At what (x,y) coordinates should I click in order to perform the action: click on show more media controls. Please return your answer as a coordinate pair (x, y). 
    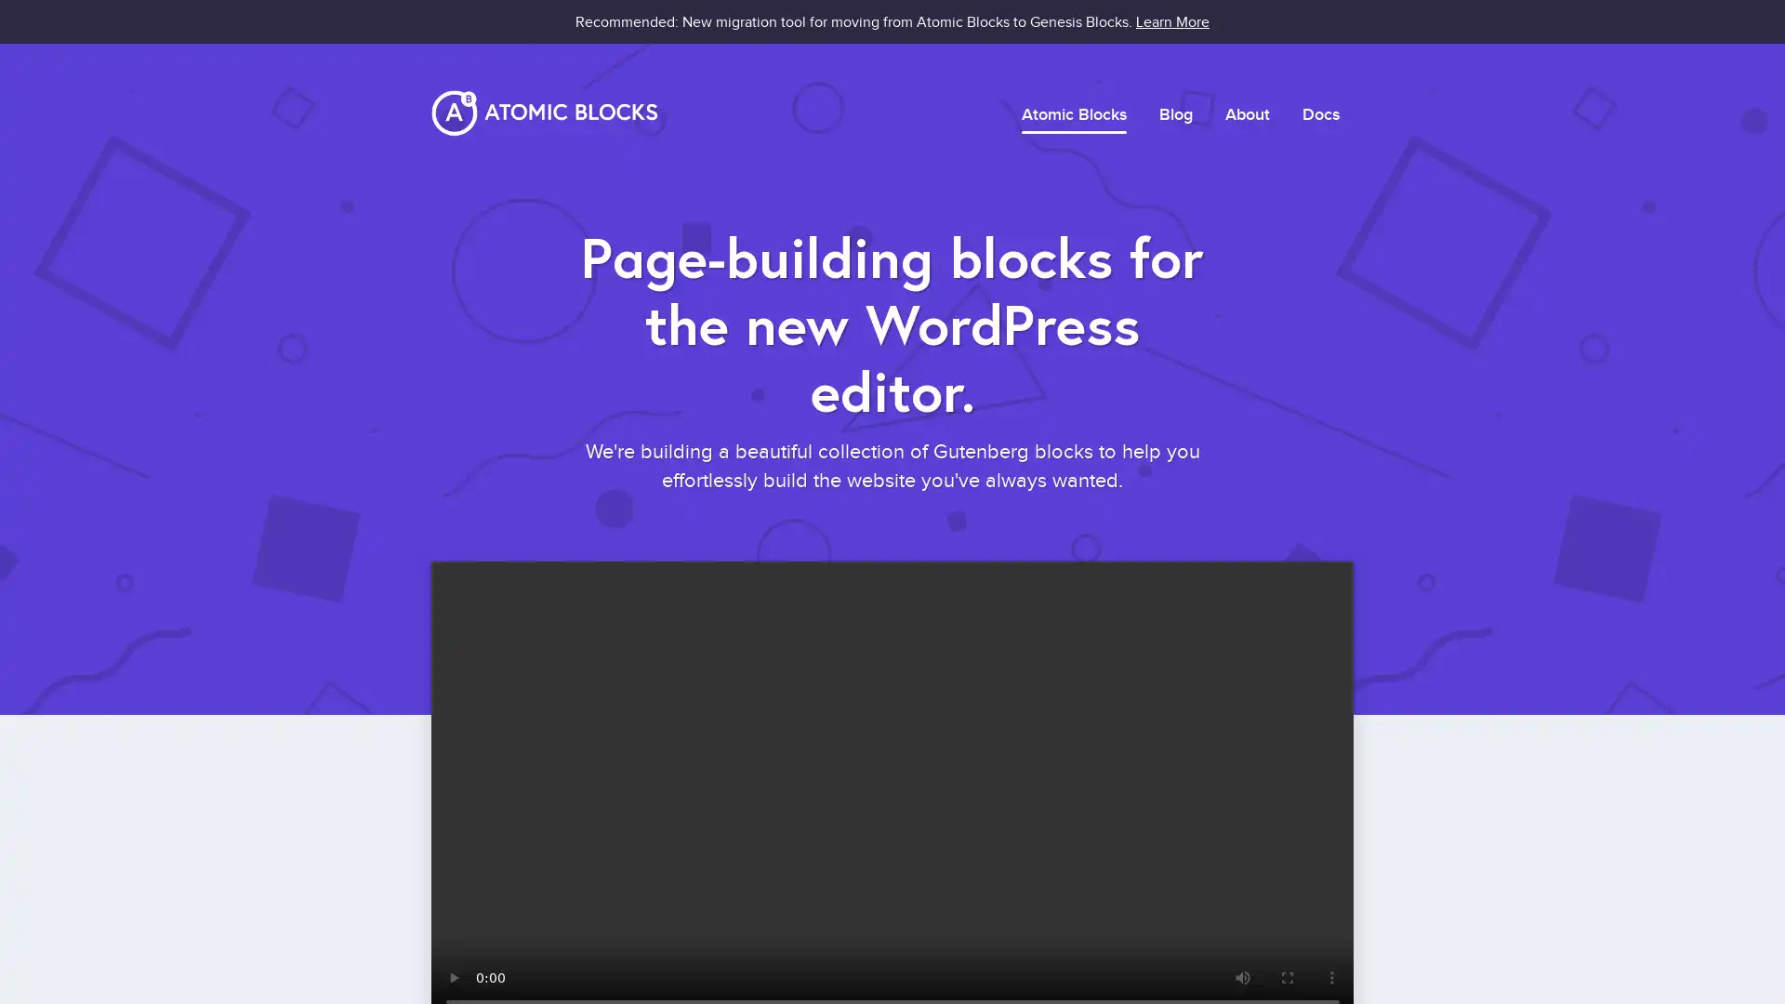
    Looking at the image, I should click on (1329, 977).